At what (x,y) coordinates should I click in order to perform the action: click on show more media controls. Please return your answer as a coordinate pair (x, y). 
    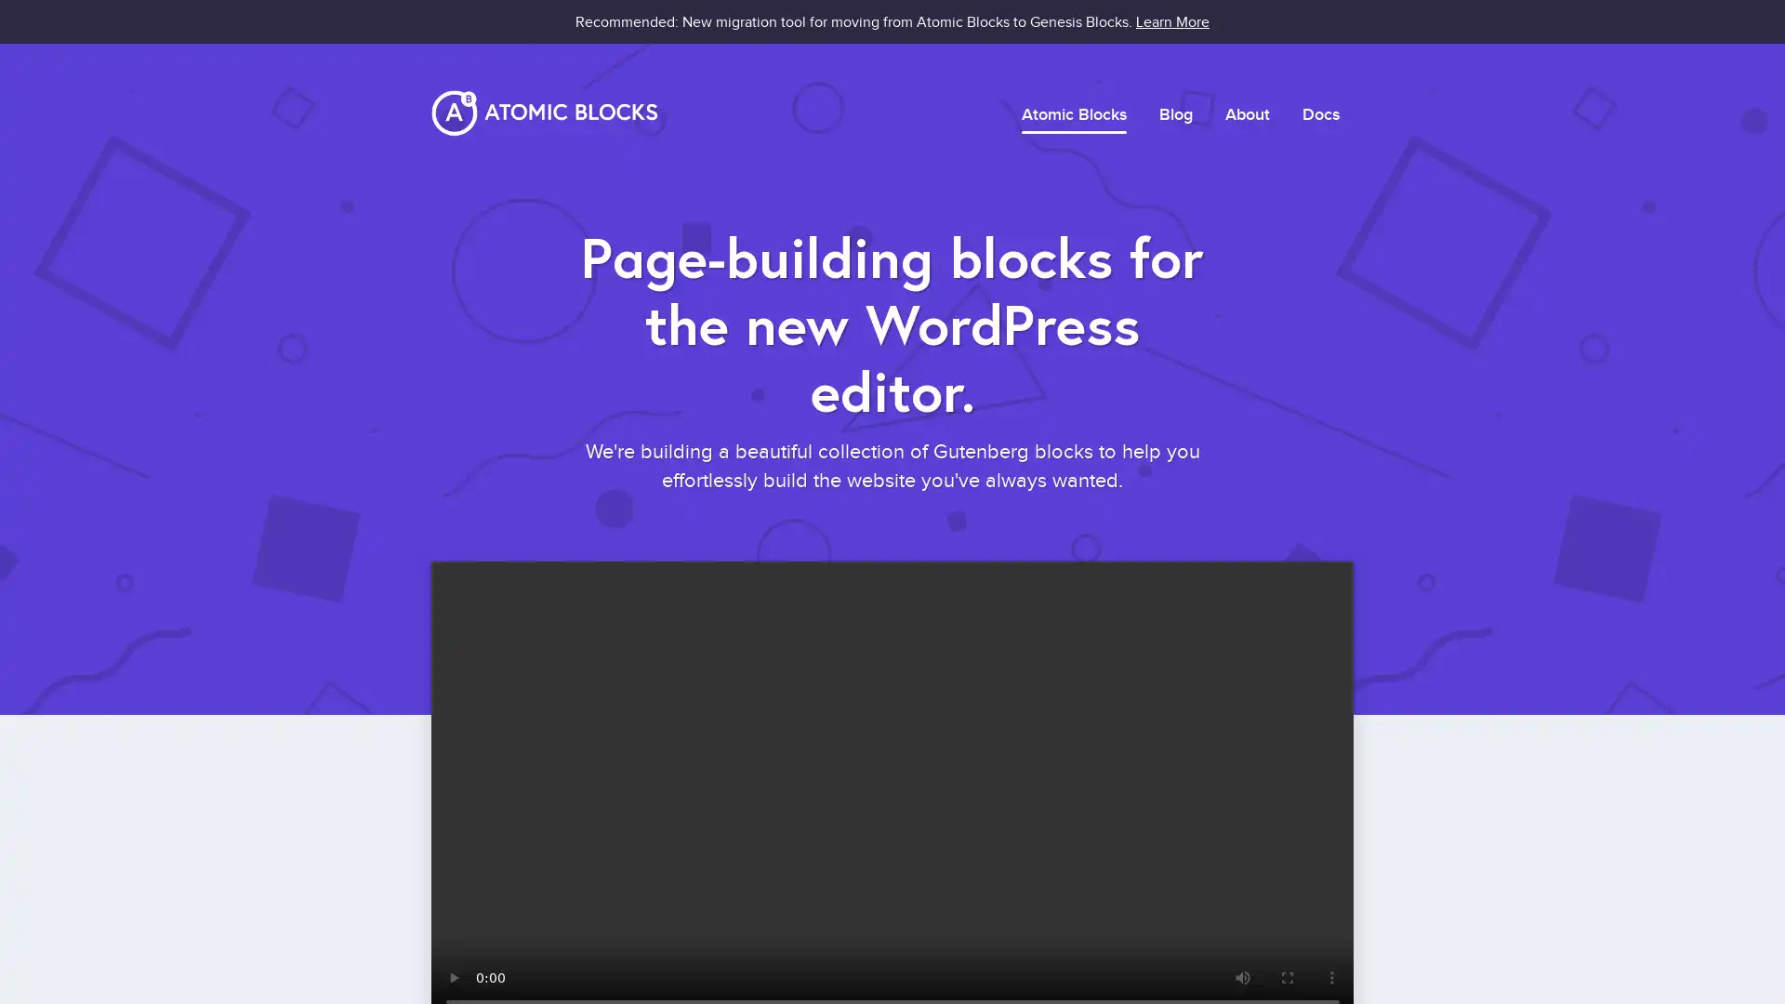
    Looking at the image, I should click on (1329, 977).